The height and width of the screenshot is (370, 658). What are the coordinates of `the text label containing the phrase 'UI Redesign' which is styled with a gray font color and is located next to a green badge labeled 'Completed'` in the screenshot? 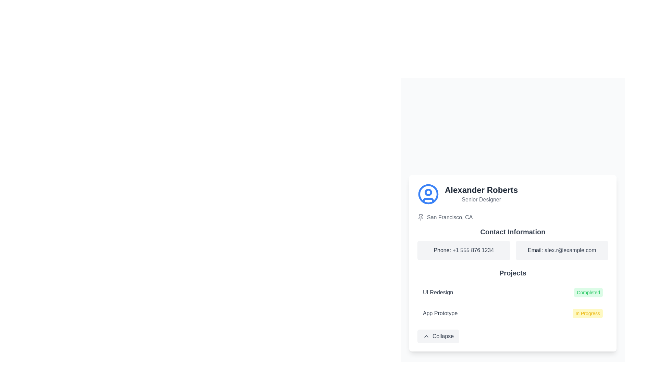 It's located at (437, 292).